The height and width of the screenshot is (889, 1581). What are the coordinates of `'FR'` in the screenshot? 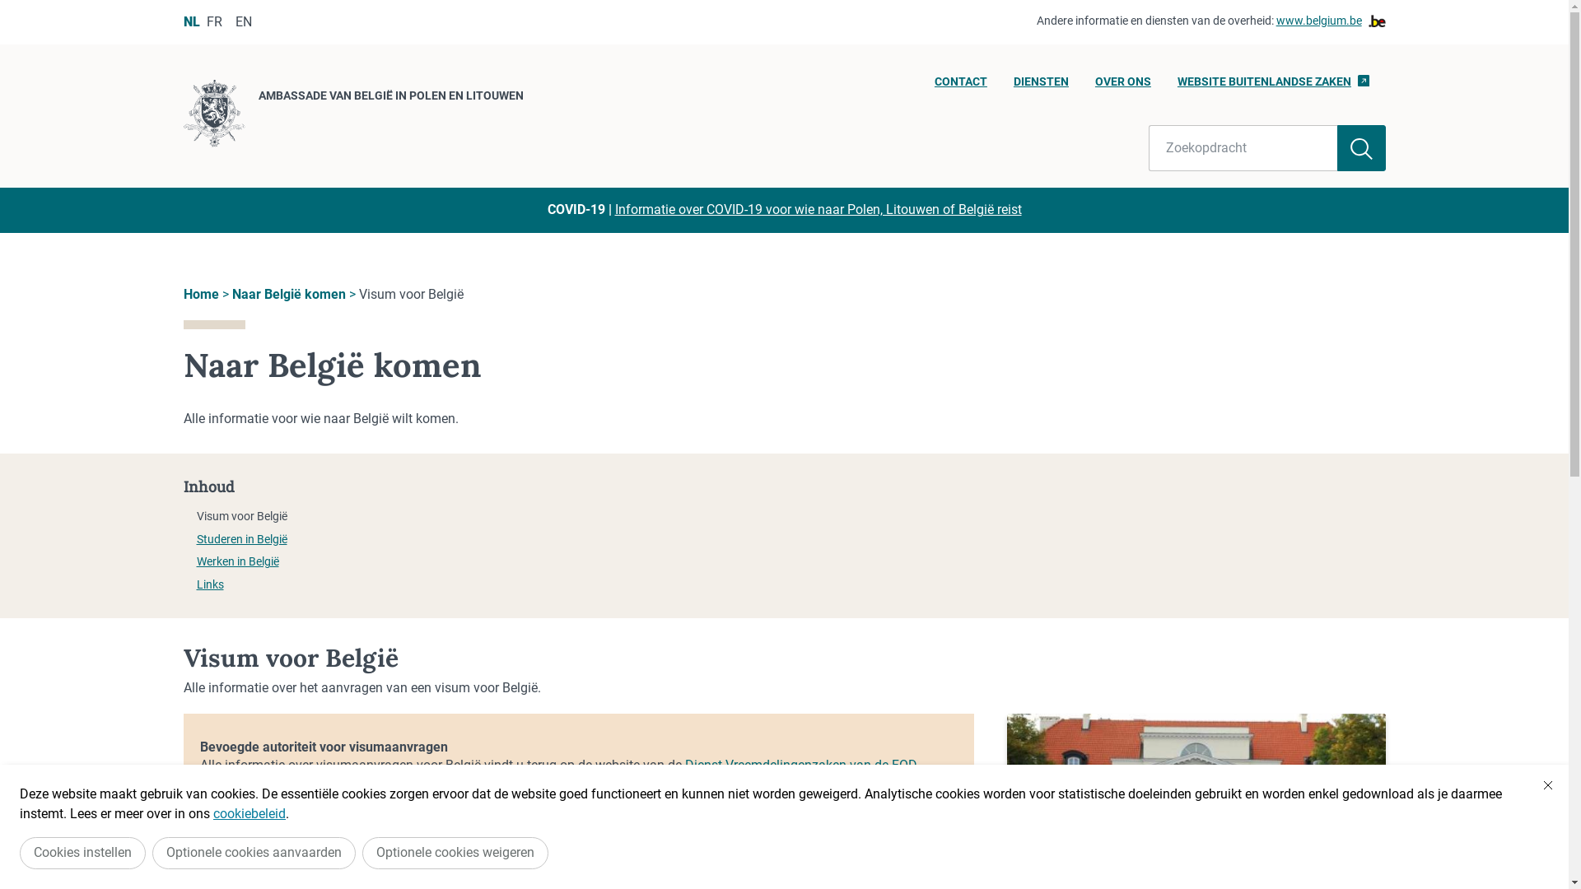 It's located at (204, 21).